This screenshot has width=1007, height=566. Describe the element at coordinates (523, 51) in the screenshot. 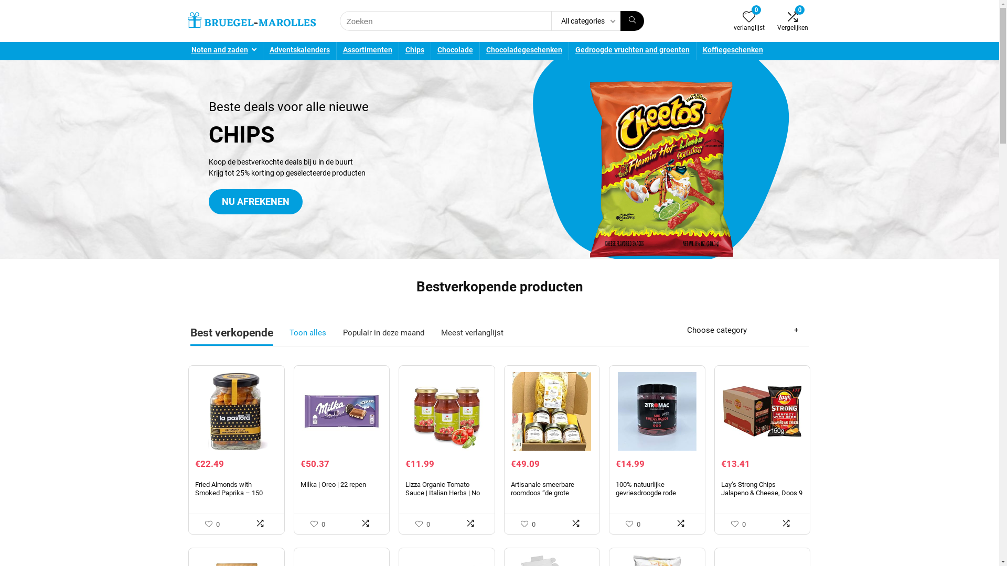

I see `'Chocoladegeschenken'` at that location.